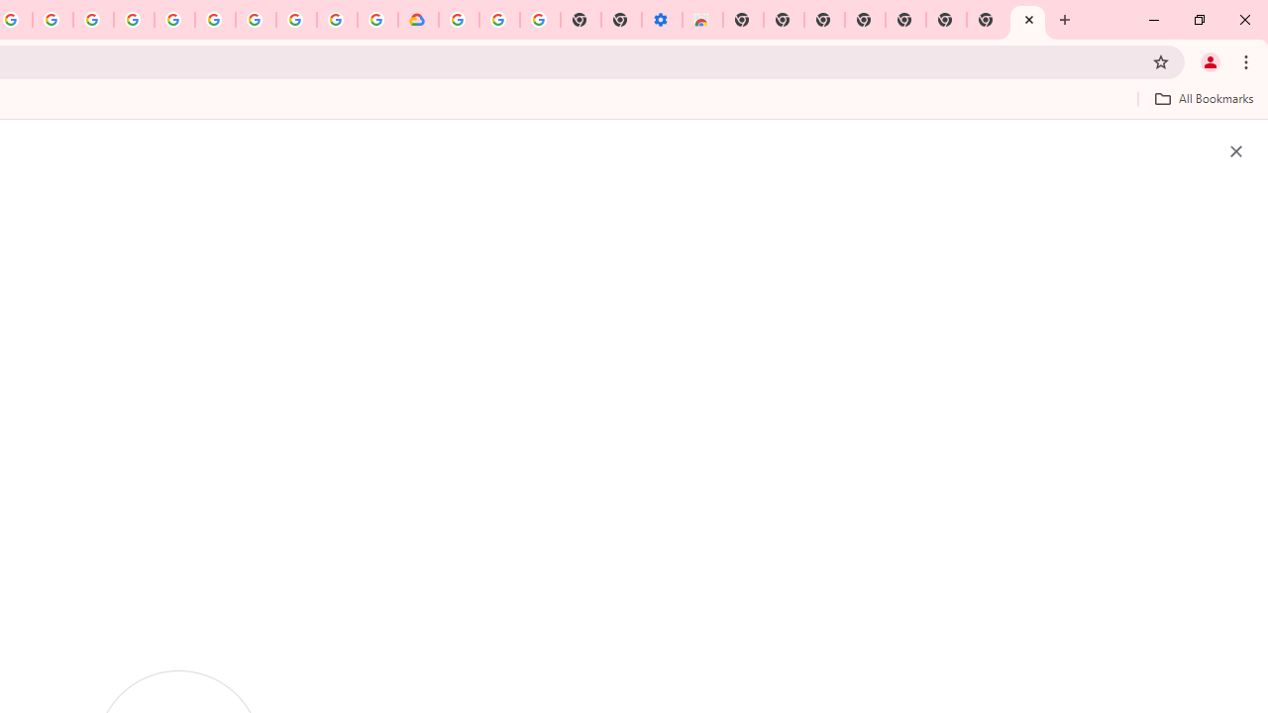 This screenshot has width=1268, height=713. What do you see at coordinates (702, 20) in the screenshot?
I see `'Chrome Web Store - Accessibility extensions'` at bounding box center [702, 20].